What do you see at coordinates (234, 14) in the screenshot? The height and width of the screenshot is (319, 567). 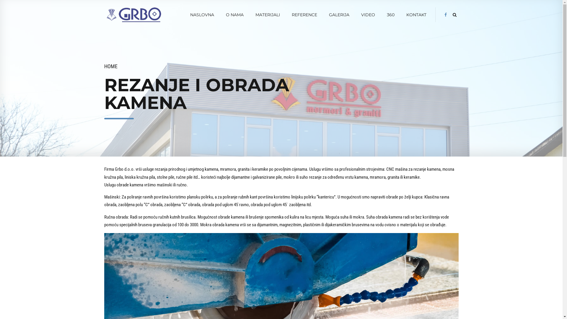 I see `'O NAMA'` at bounding box center [234, 14].